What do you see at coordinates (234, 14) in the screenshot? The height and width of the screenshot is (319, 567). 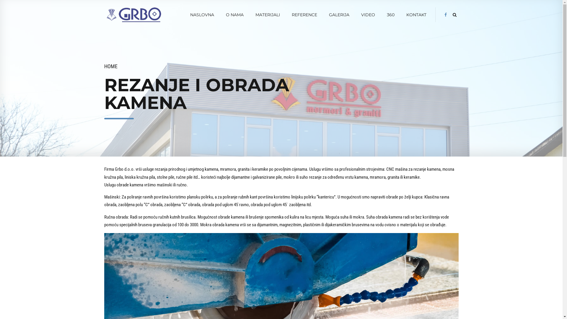 I see `'O NAMA'` at bounding box center [234, 14].